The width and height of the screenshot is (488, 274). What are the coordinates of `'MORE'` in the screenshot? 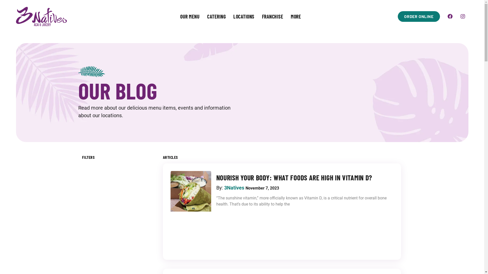 It's located at (296, 16).